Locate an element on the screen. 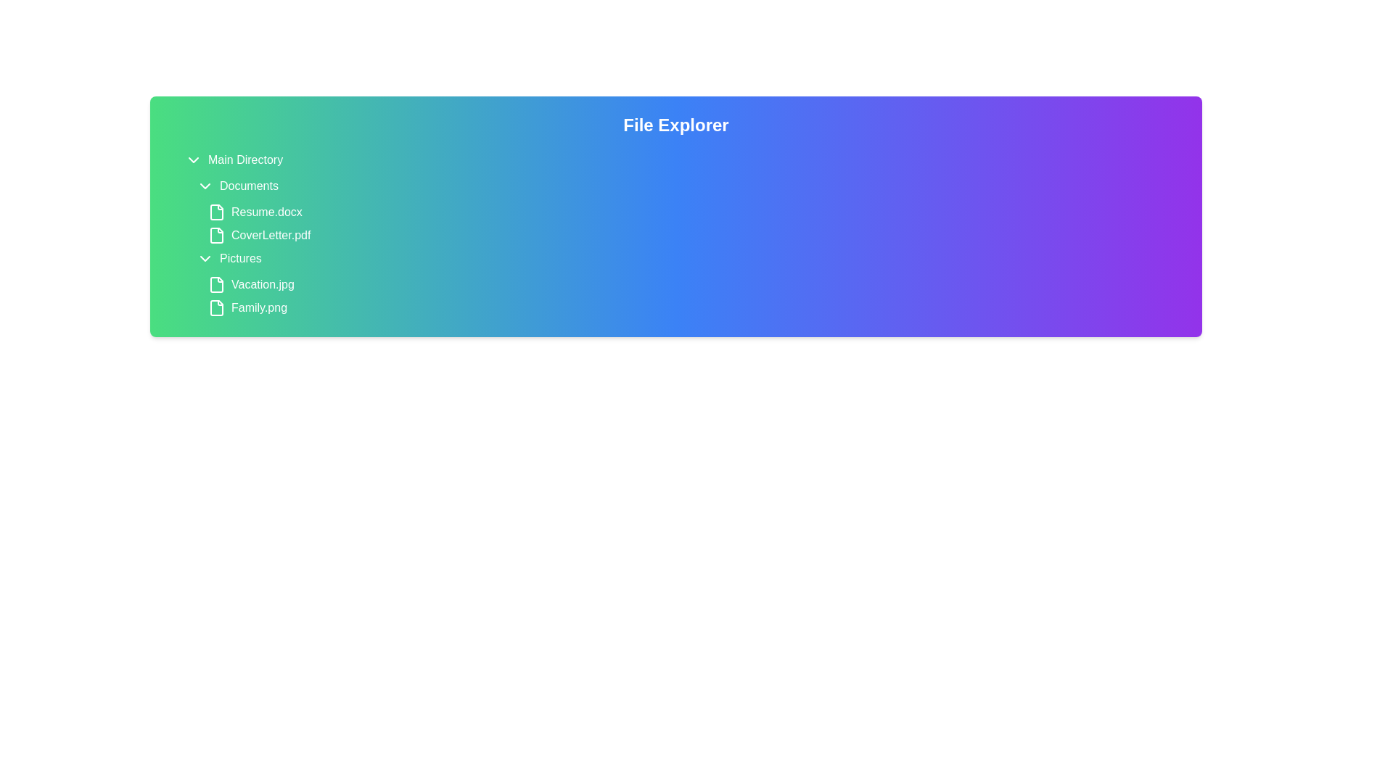  the text label representing the file named 'CoverLetter.pdf' located in the 'Documents' folder, positioned below 'Resume.docx' is located at coordinates (271, 234).